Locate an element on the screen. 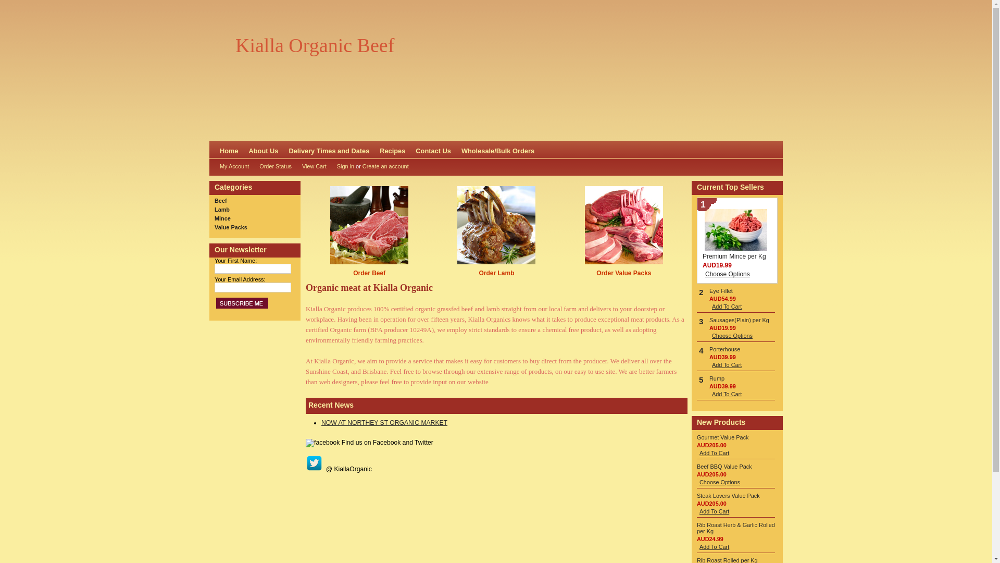 Image resolution: width=1000 pixels, height=563 pixels. 'My Account' is located at coordinates (231, 166).